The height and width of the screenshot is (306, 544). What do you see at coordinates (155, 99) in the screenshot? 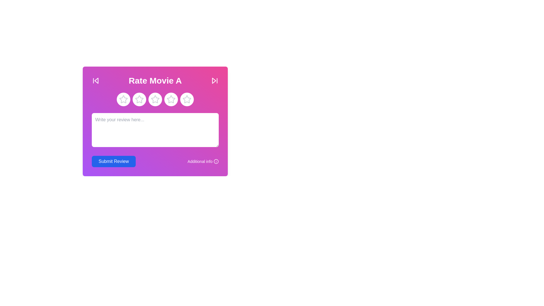
I see `the third star in the row of five rating stars` at bounding box center [155, 99].